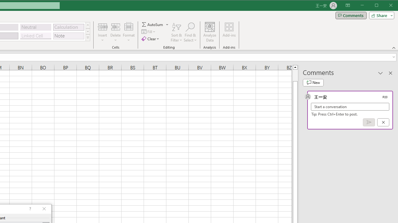 The width and height of the screenshot is (398, 223). Describe the element at coordinates (35, 36) in the screenshot. I see `'Linked Cell'` at that location.